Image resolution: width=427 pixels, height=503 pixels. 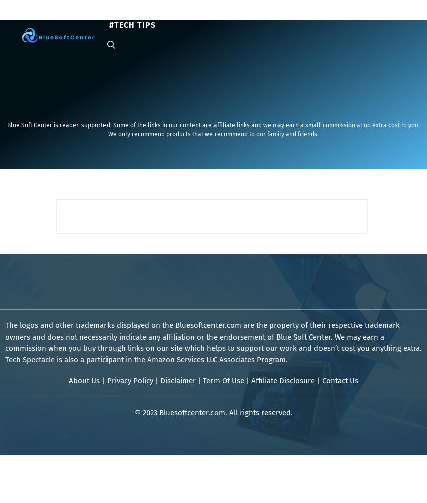 I want to click on 'Blue Soft Center is reader-supported. Some of the links in our content are affiliate links and we may earn a small commission at no extra cost to you.', so click(x=213, y=125).